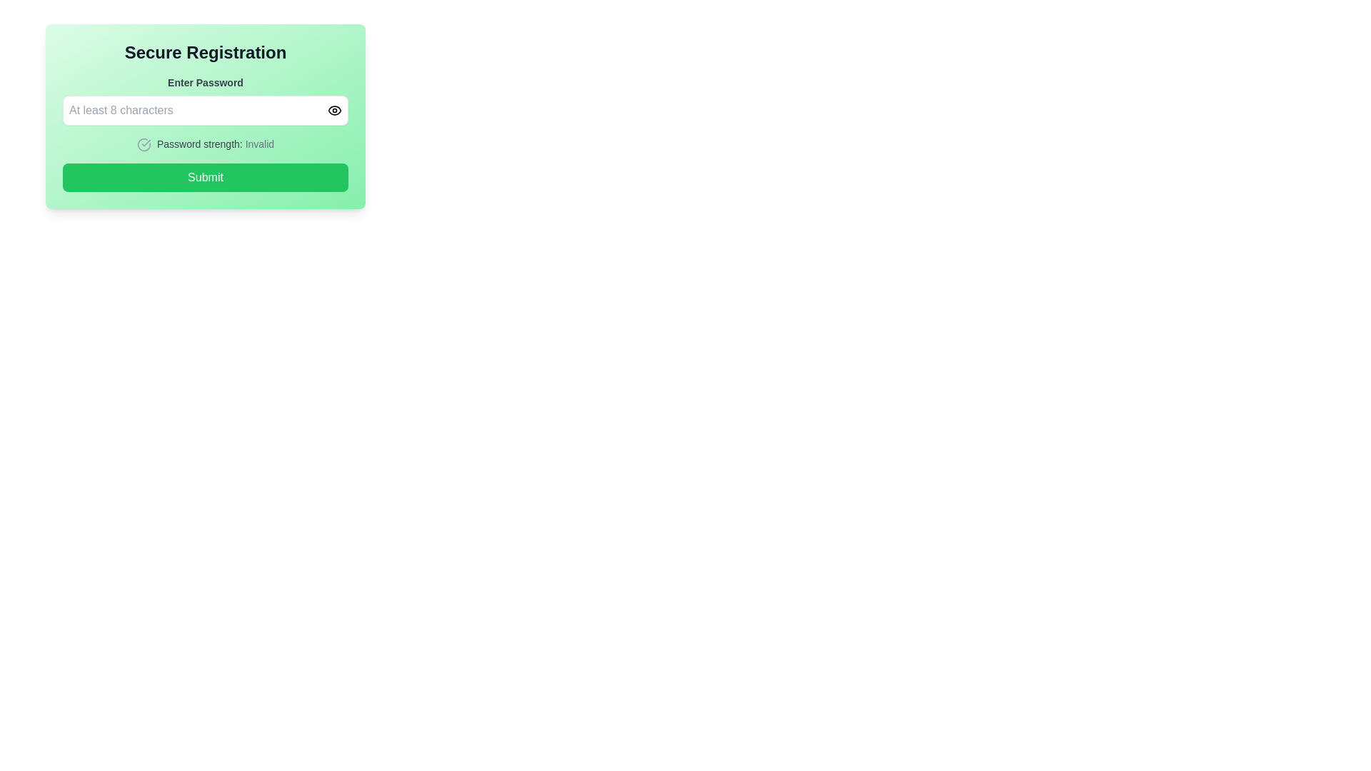 This screenshot has height=771, width=1371. What do you see at coordinates (334, 109) in the screenshot?
I see `the icon button located at the right end of the password input field` at bounding box center [334, 109].